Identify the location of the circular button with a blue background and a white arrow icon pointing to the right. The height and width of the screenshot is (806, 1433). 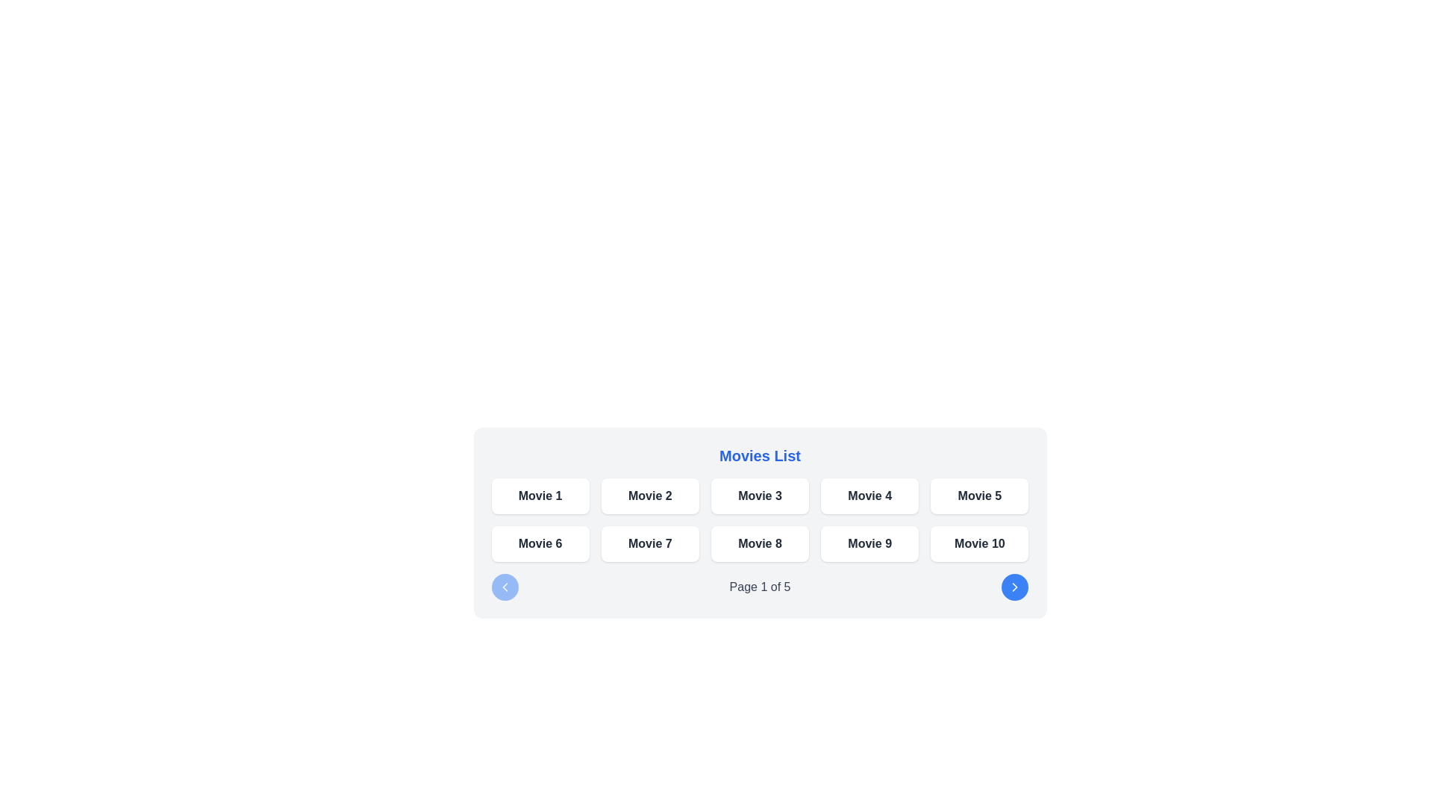
(1015, 586).